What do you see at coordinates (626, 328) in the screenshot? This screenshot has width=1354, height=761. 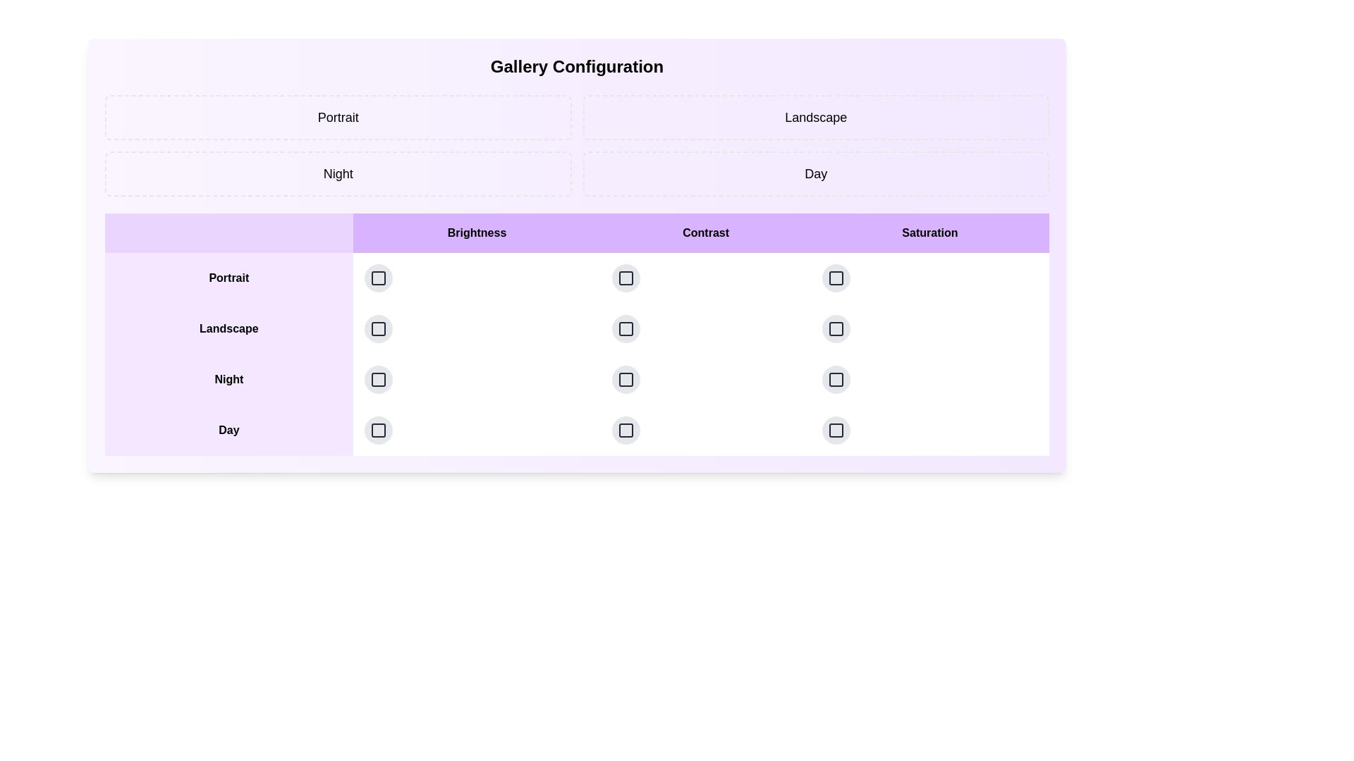 I see `the small square icon in the second column labeled 'Contrast' and third row labeled 'Night' under the 'Gallery Configuration' section` at bounding box center [626, 328].